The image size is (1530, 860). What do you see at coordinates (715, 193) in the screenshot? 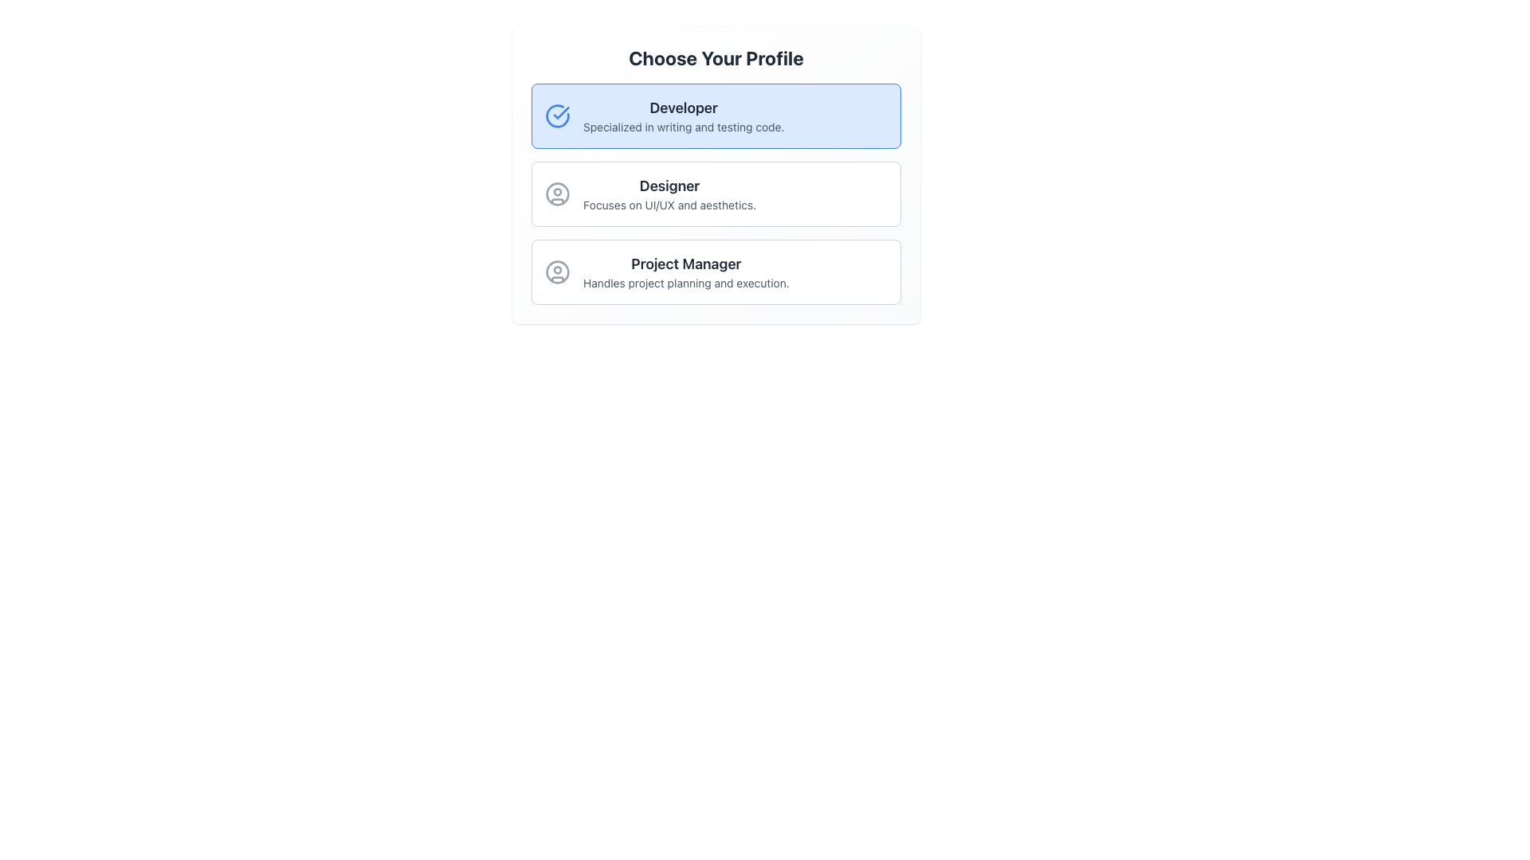
I see `the 'Designer' role option in the vertical list under the heading 'Choose Your Profile'` at bounding box center [715, 193].